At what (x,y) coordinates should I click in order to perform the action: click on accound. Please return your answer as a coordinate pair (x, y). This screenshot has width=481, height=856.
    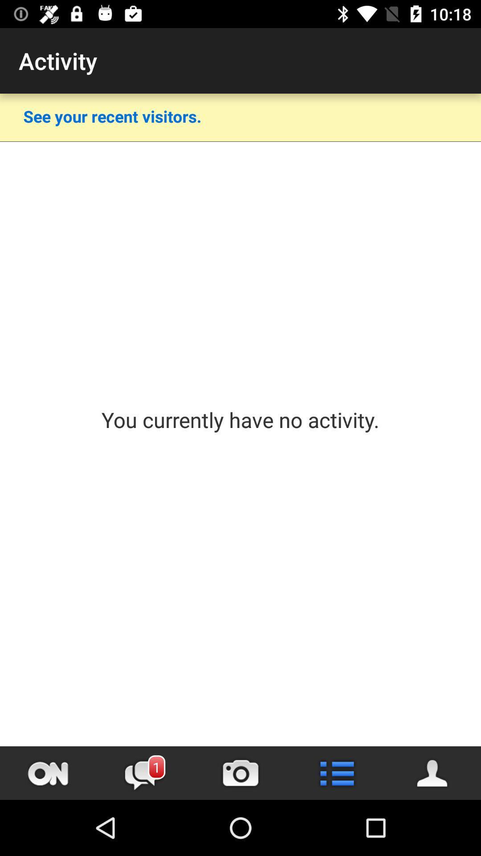
    Looking at the image, I should click on (432, 773).